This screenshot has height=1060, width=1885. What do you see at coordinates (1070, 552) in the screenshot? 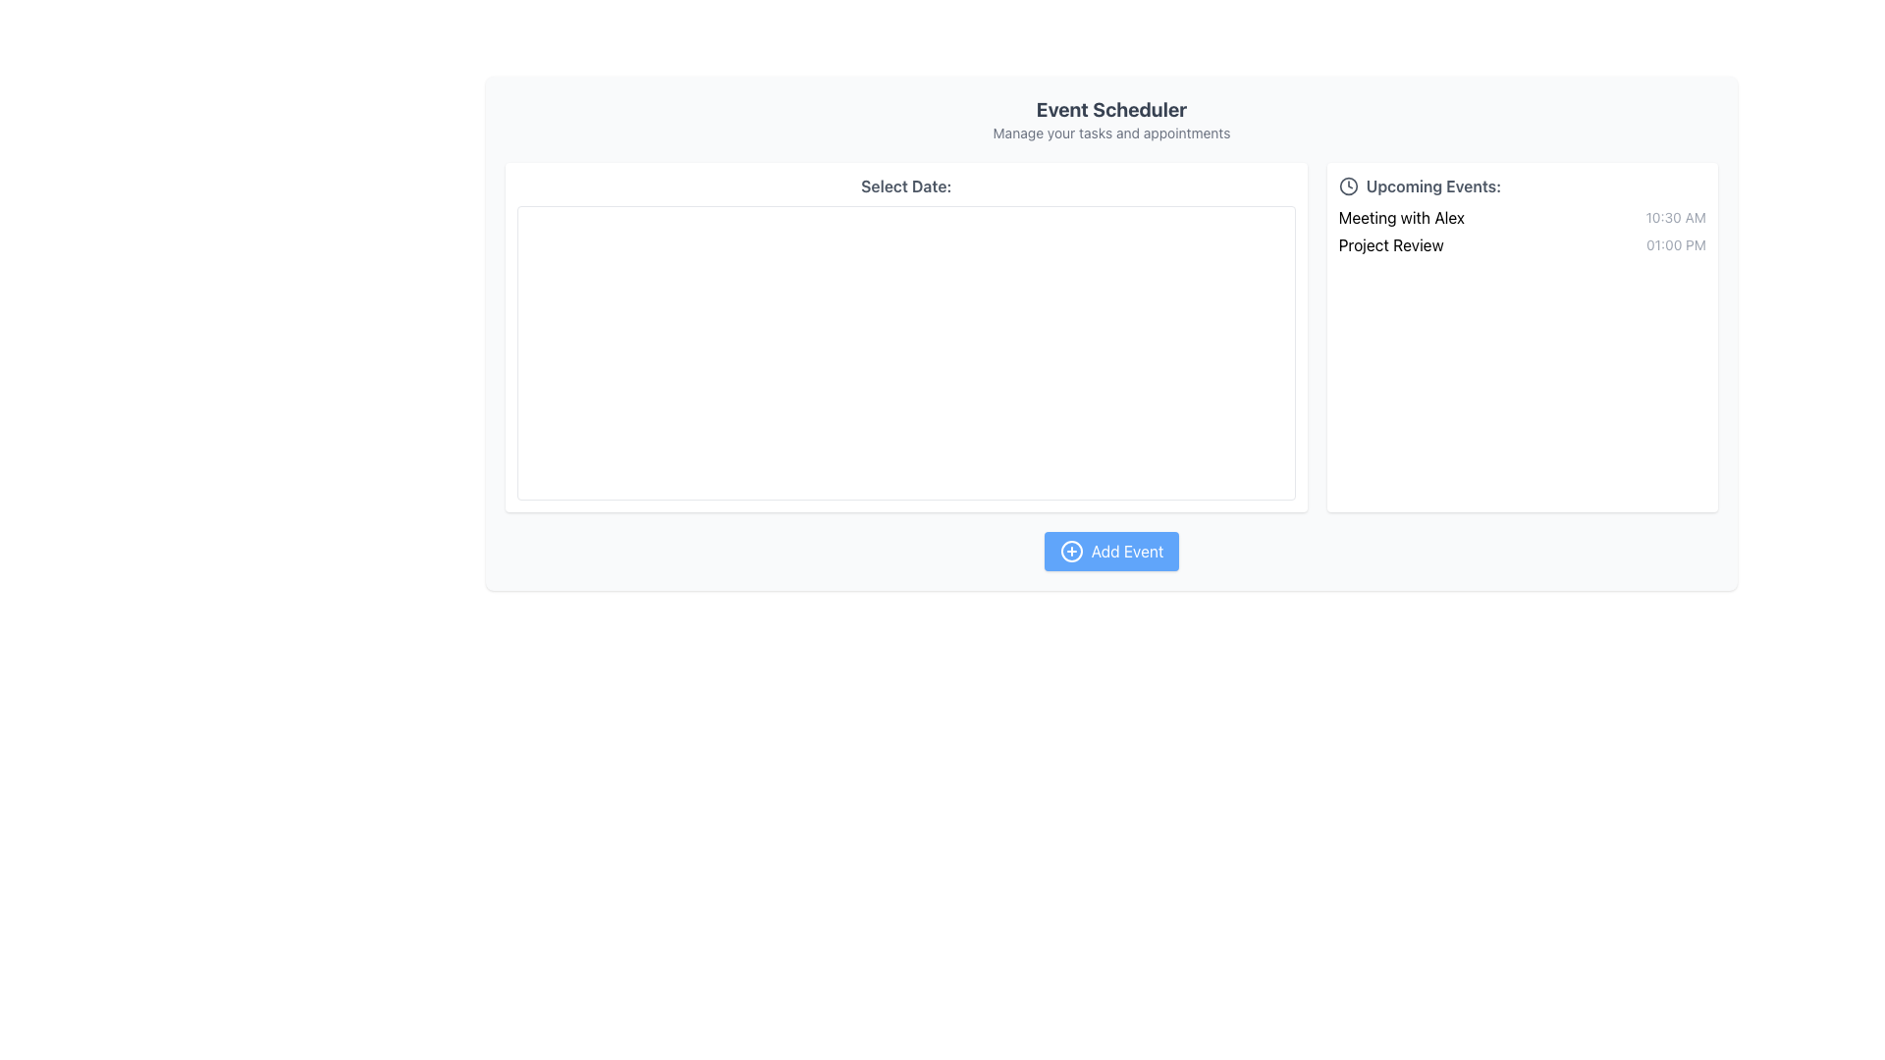
I see `the graphical icon (SVG circle) that serves as the outline of the 'add' action button labeled 'Add Event', located at the bottom of the application interface` at bounding box center [1070, 552].